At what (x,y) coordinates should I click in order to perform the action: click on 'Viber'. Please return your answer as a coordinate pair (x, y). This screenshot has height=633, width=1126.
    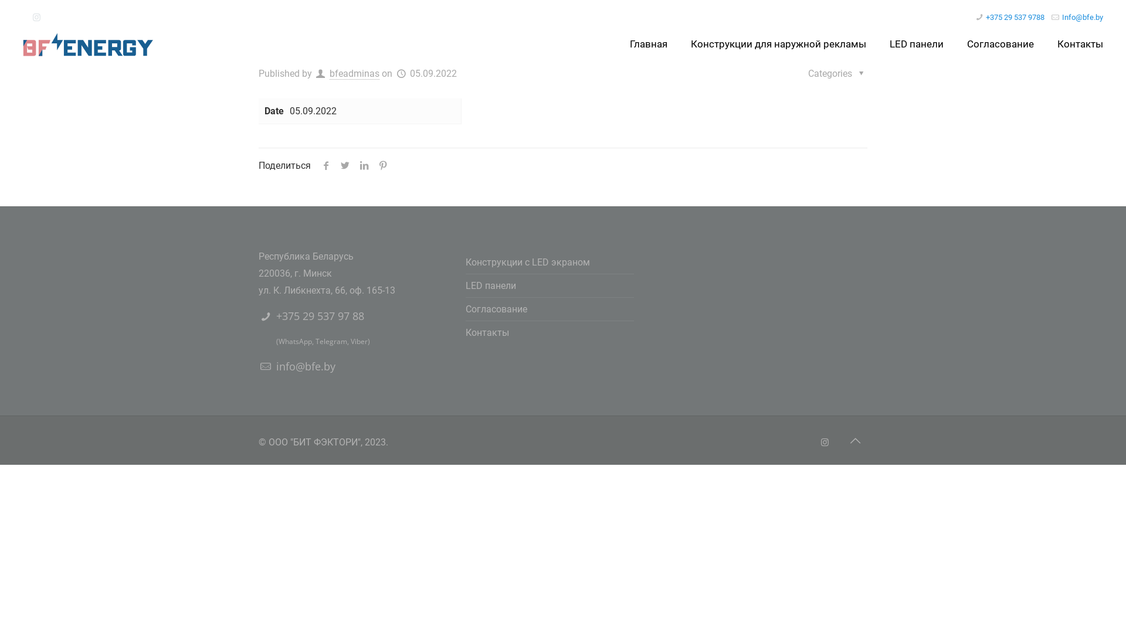
    Looking at the image, I should click on (358, 341).